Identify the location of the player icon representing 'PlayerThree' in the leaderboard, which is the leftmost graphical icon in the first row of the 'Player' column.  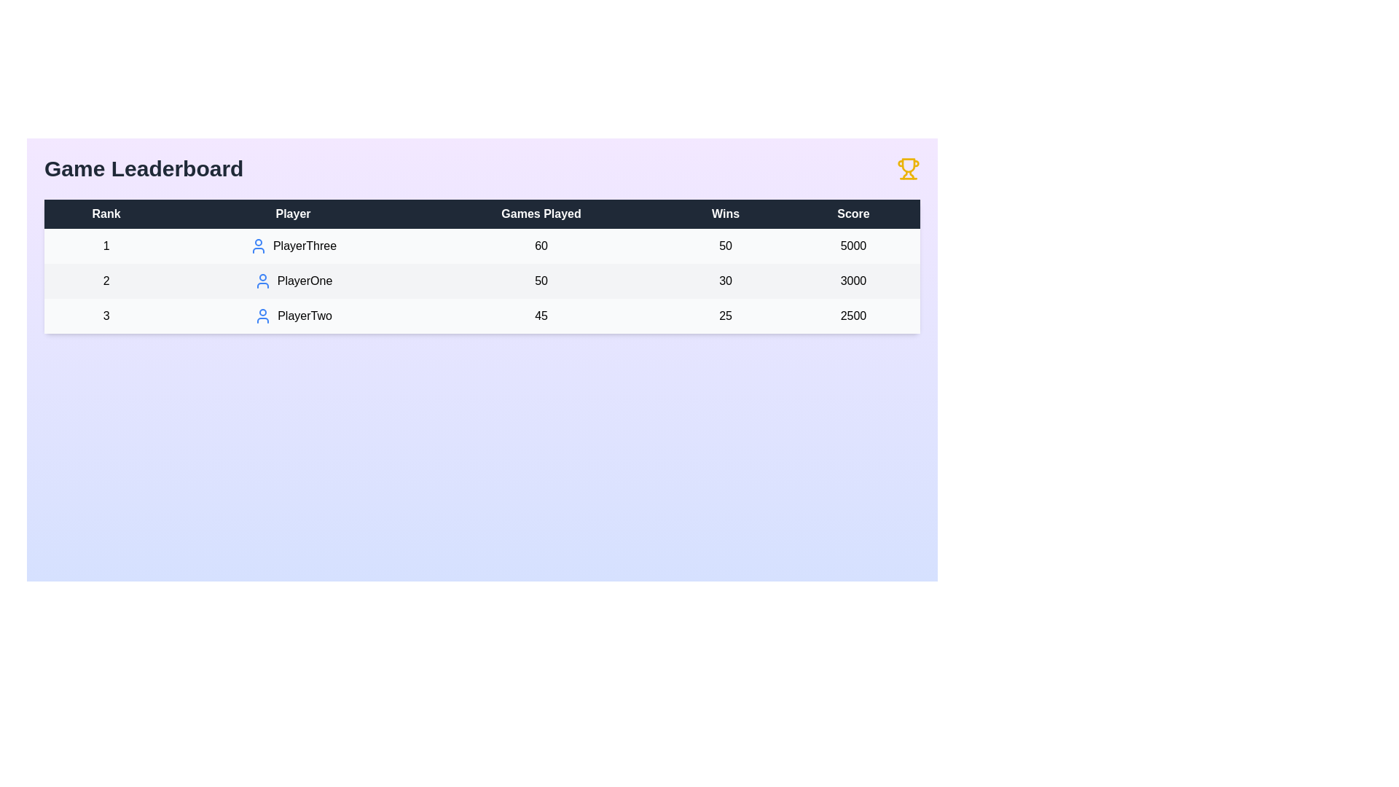
(259, 246).